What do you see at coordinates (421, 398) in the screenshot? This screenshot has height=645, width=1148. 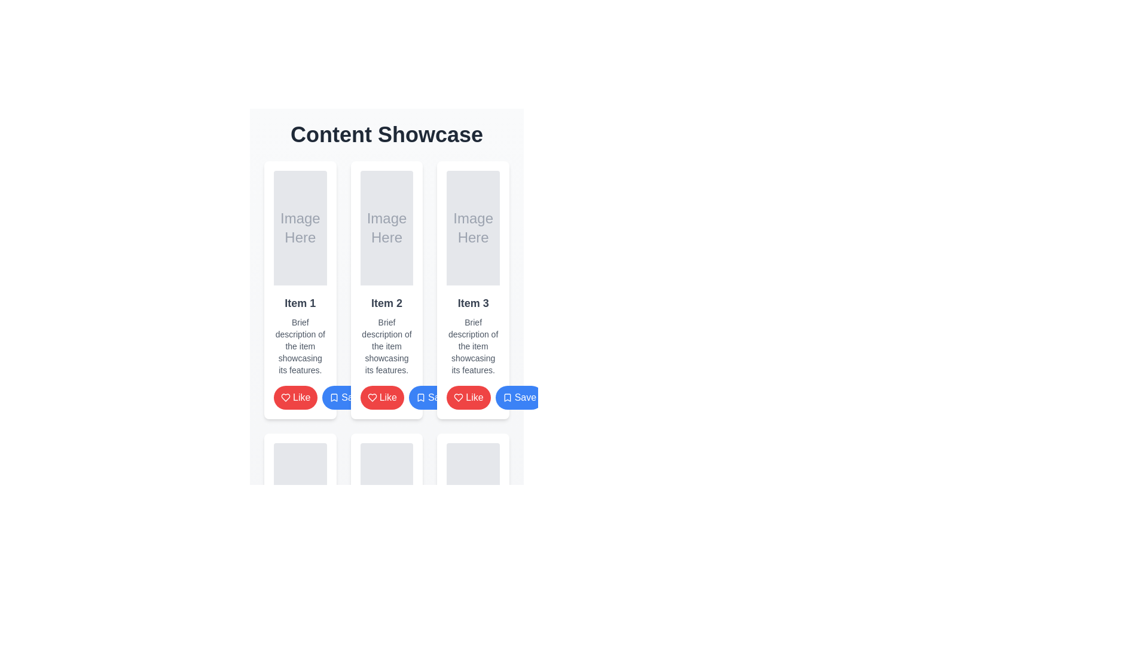 I see `the 'bookmark' icon located to the right of the 'Save' button in the second card under the 'Content Showcase' section` at bounding box center [421, 398].